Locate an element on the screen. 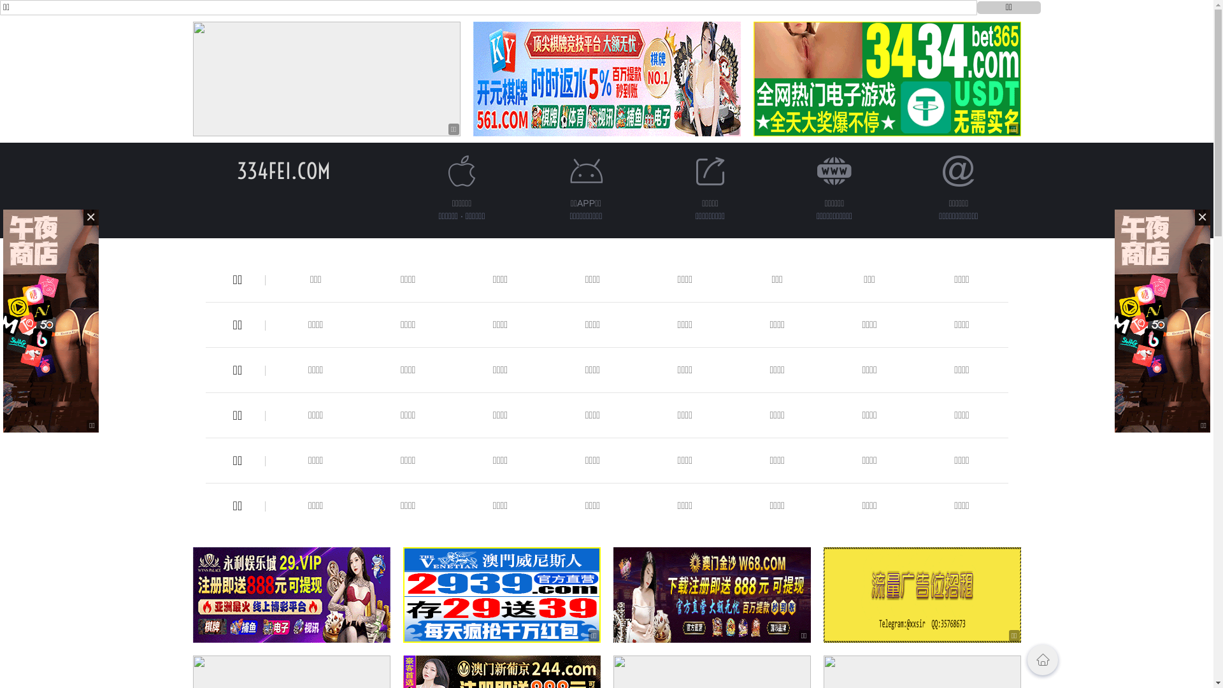 The height and width of the screenshot is (688, 1223). '334FEI.COM' is located at coordinates (283, 170).